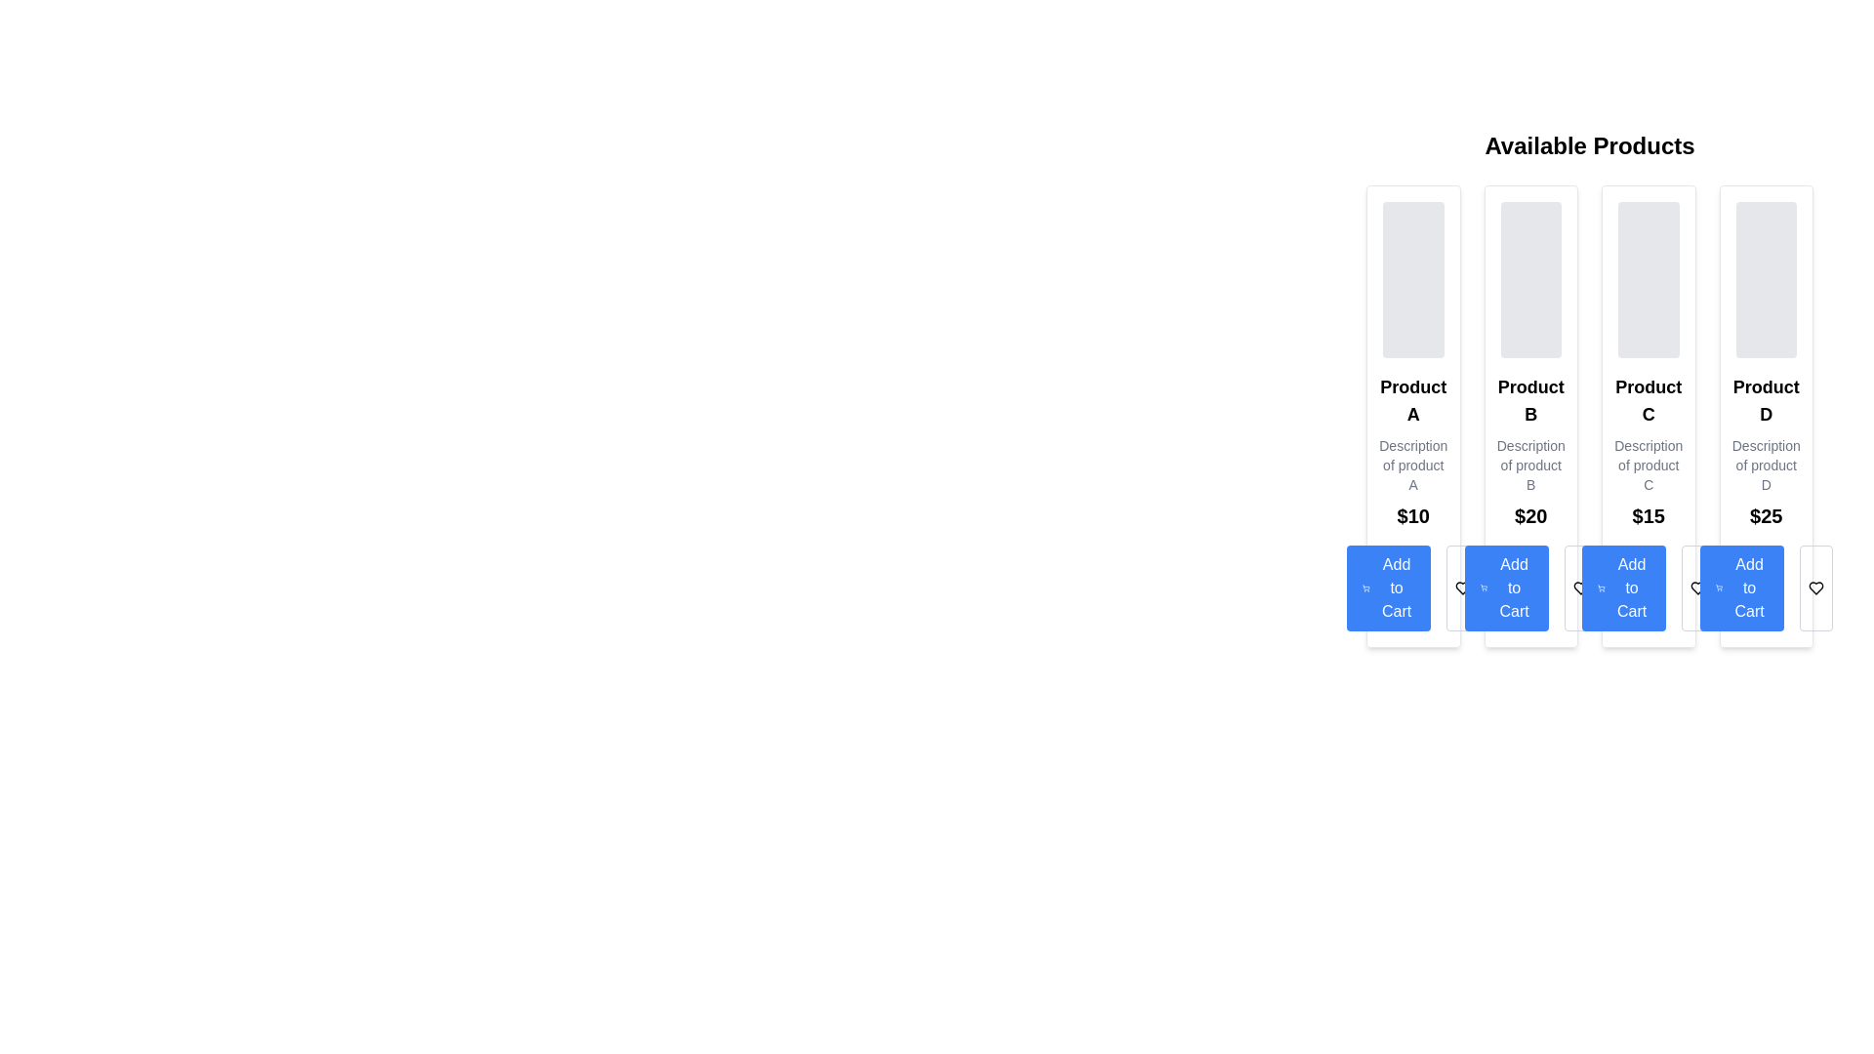 Image resolution: width=1874 pixels, height=1054 pixels. Describe the element at coordinates (1529, 466) in the screenshot. I see `the text label displaying 'Description of product B', which is styled in a smaller, gray font and positioned below the title 'Product B' in the second product card` at that location.